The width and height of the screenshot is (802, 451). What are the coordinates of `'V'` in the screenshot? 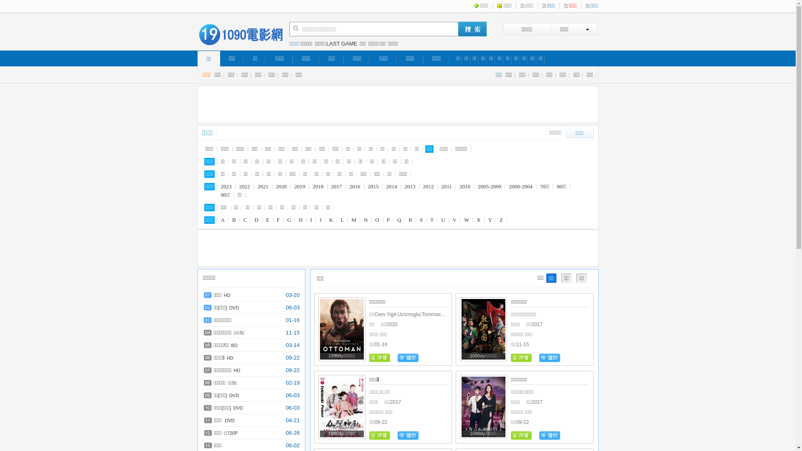 It's located at (451, 220).